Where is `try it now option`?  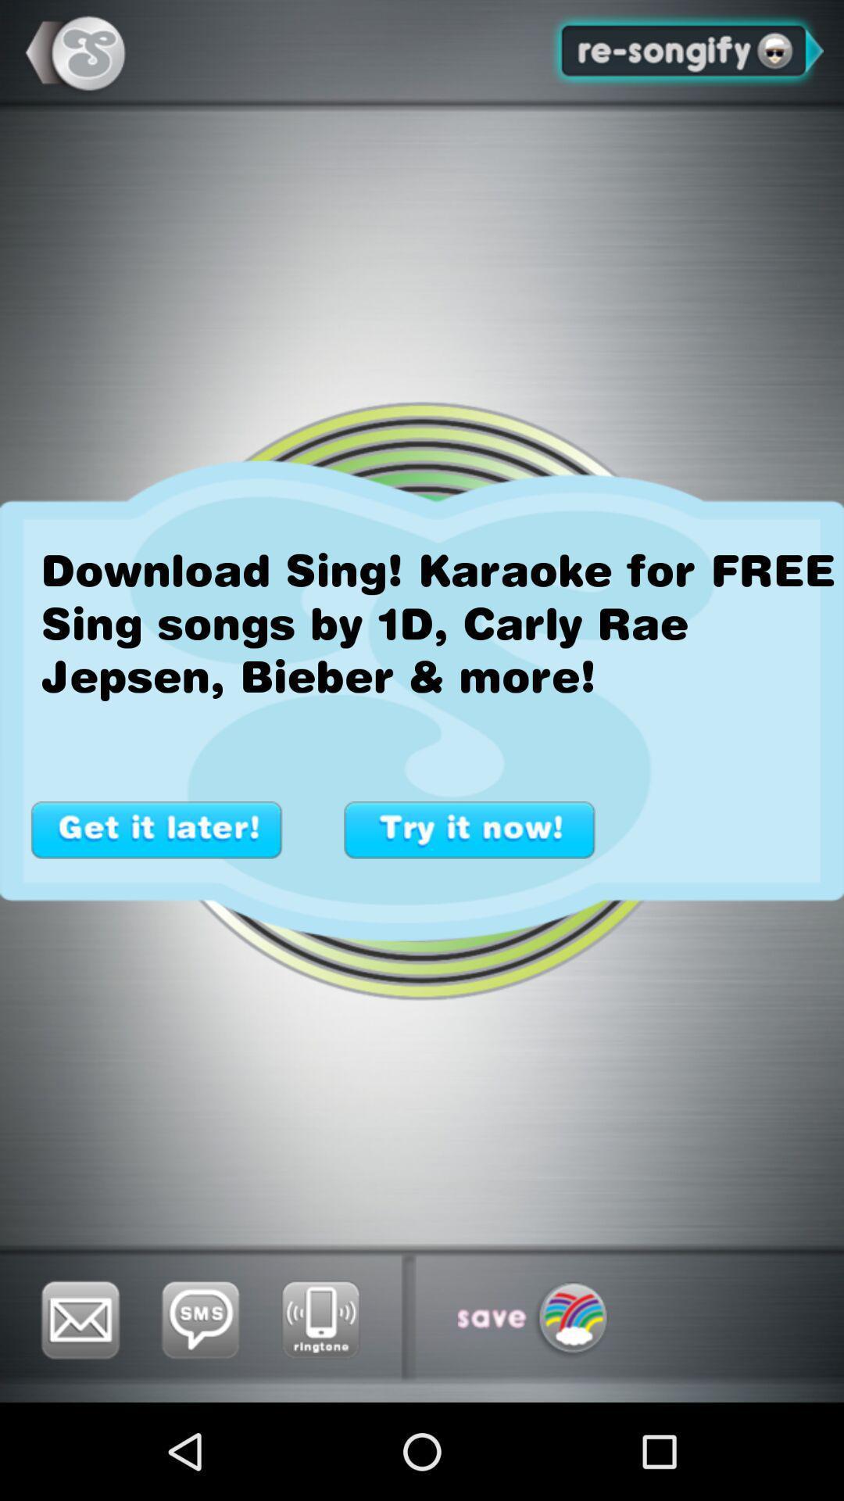
try it now option is located at coordinates (469, 829).